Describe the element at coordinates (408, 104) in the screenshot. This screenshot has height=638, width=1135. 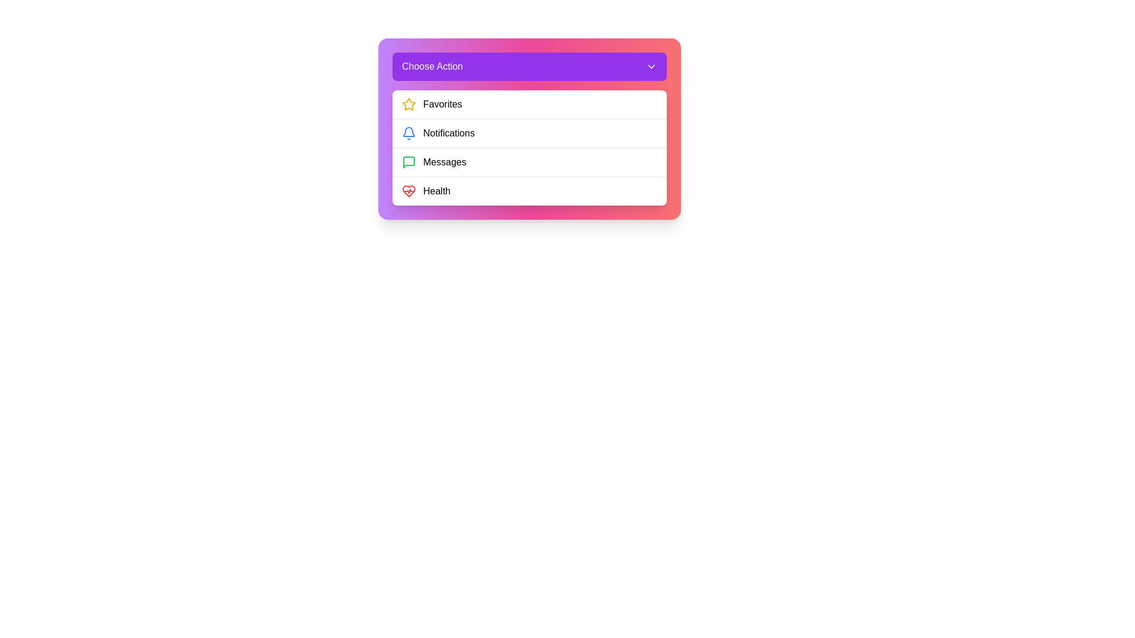
I see `the leftmost icon of the 'Favorites' row in the dropdown menu, which visually represents the 'Favorites' functionality` at that location.